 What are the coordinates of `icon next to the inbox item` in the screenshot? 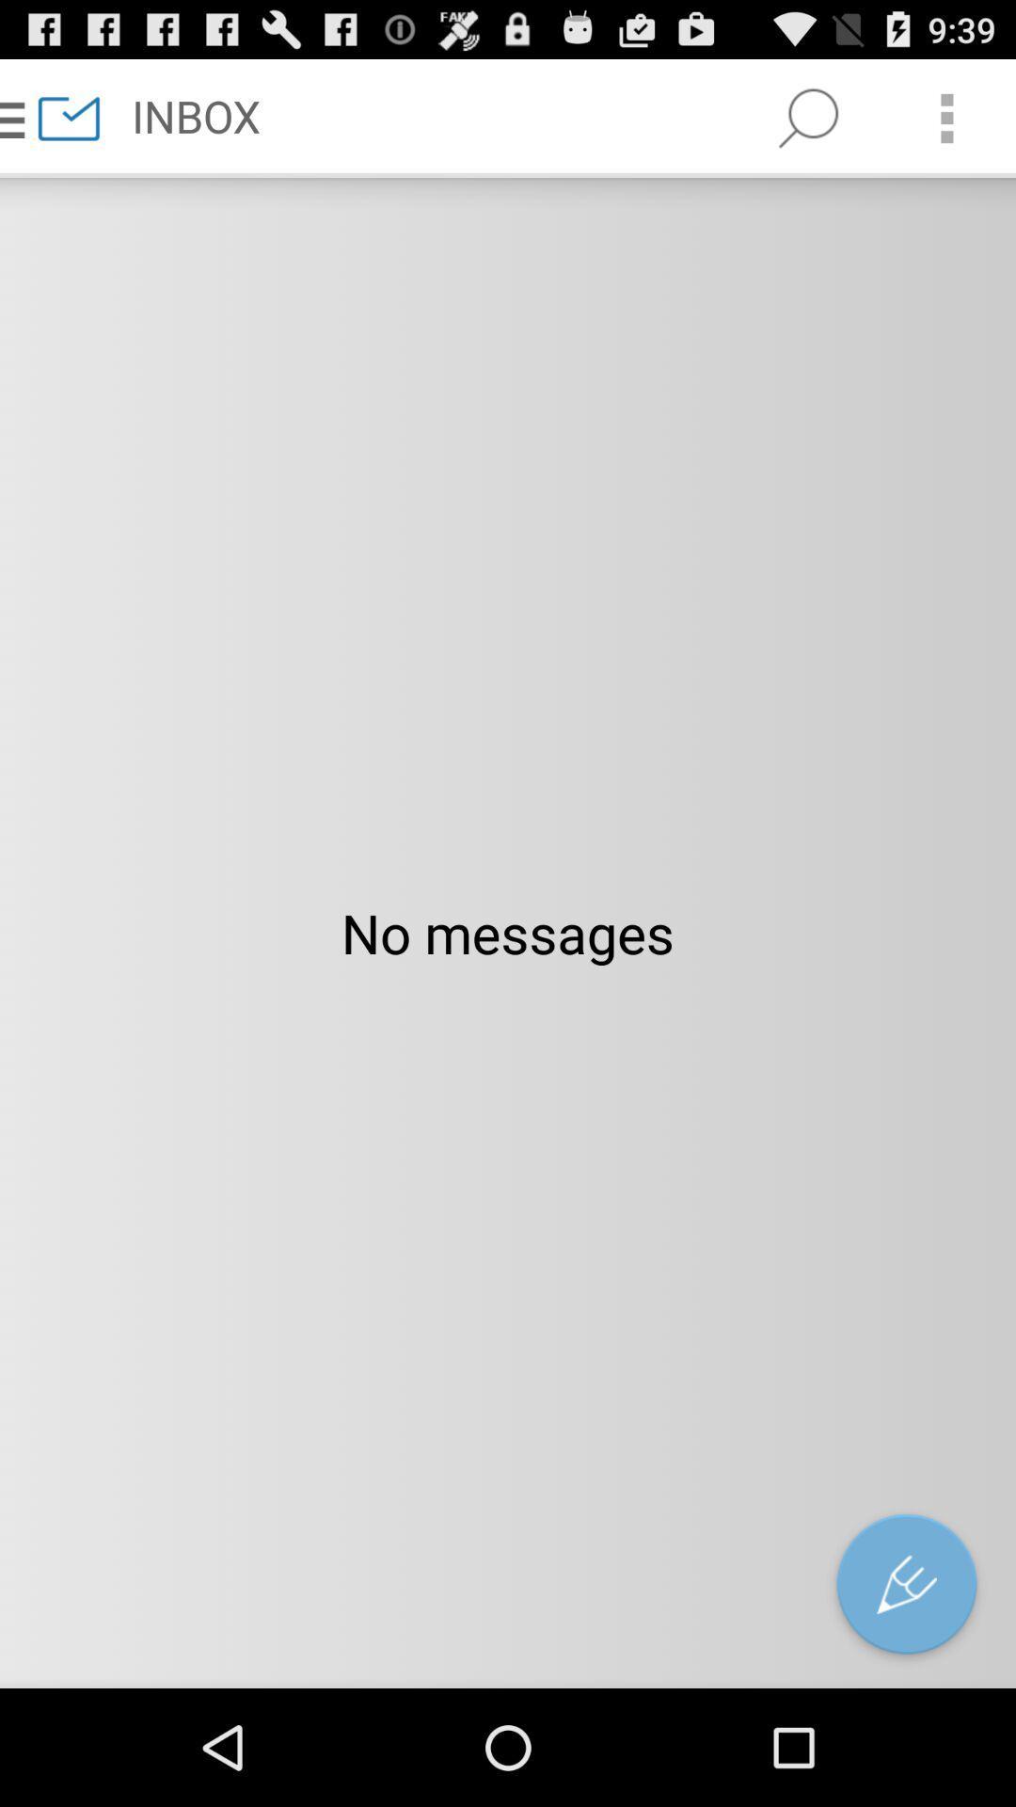 It's located at (807, 117).